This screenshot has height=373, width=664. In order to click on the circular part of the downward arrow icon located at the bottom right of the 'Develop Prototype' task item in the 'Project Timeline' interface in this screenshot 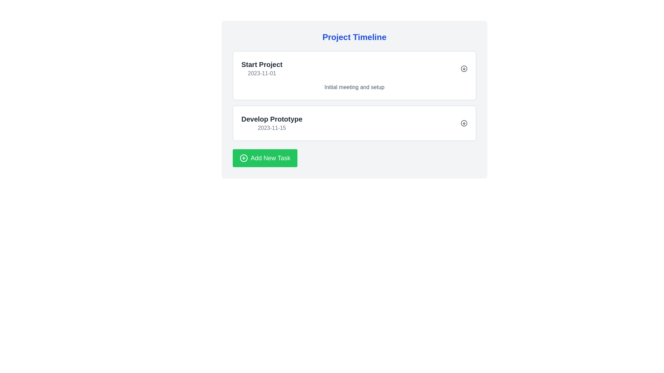, I will do `click(464, 123)`.